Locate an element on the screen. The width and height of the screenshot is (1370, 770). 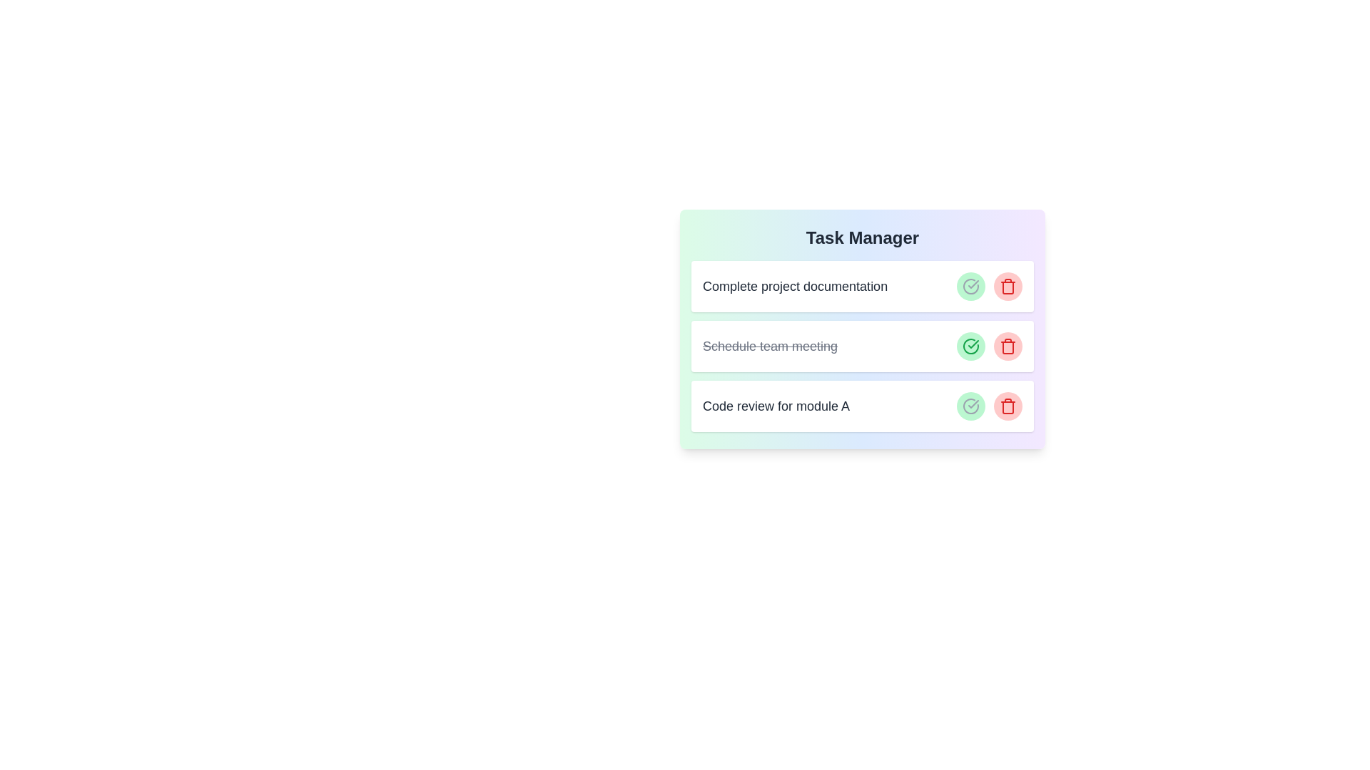
the delete button for the task 'Schedule team meeting' is located at coordinates (1007, 346).